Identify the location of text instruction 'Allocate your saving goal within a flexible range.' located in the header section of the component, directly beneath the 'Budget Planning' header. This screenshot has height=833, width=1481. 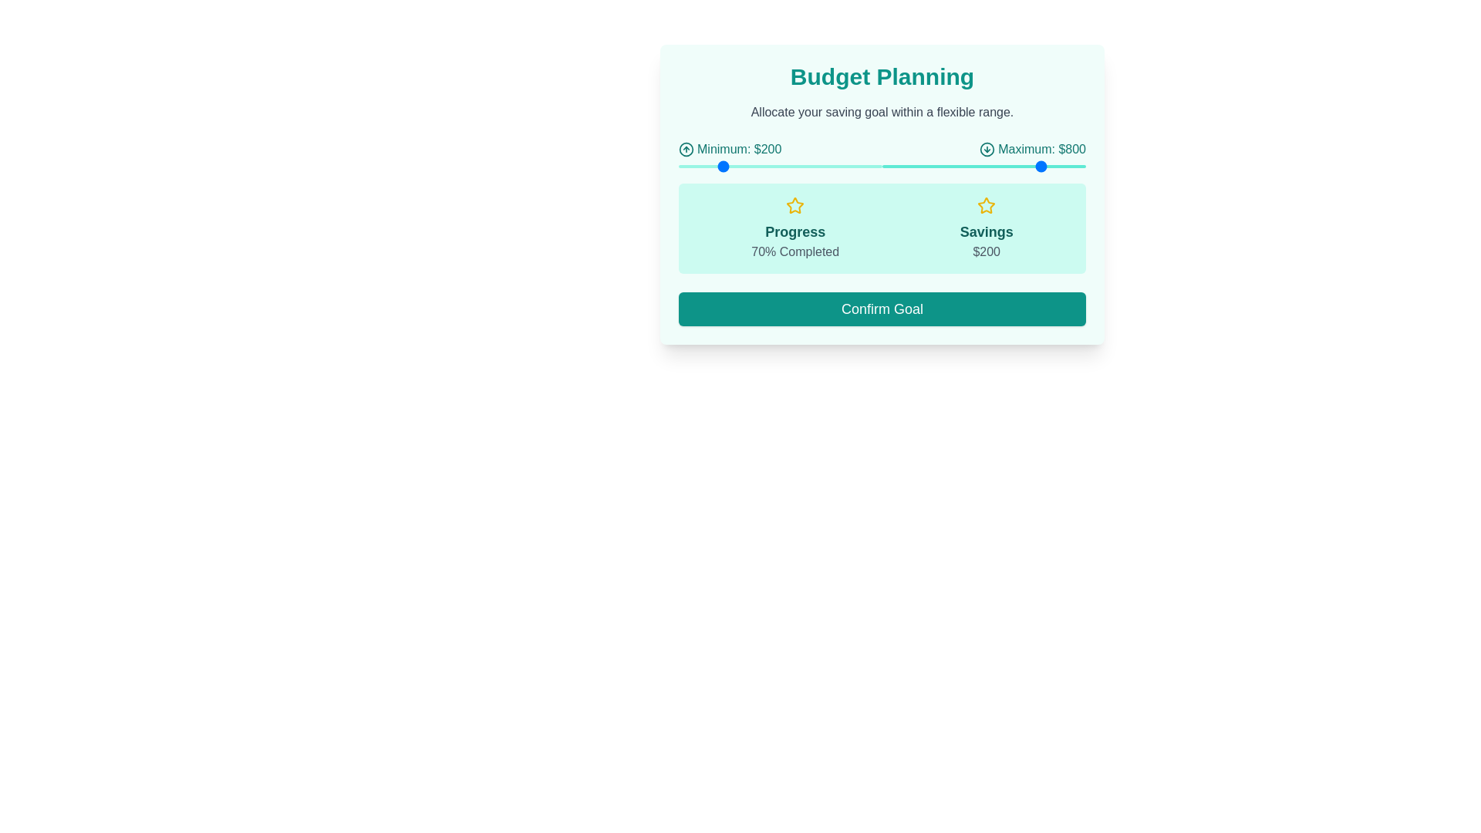
(882, 112).